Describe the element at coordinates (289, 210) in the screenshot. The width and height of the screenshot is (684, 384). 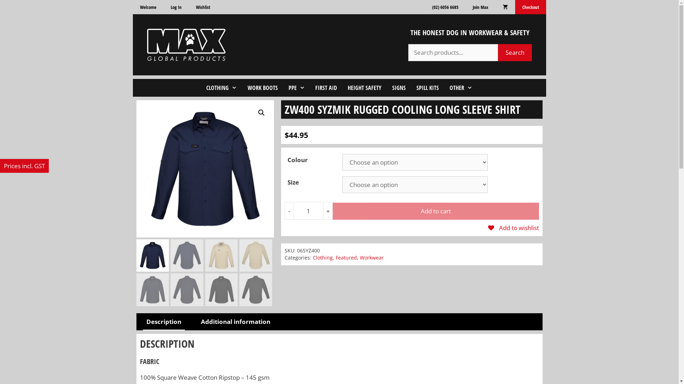
I see `'-'` at that location.